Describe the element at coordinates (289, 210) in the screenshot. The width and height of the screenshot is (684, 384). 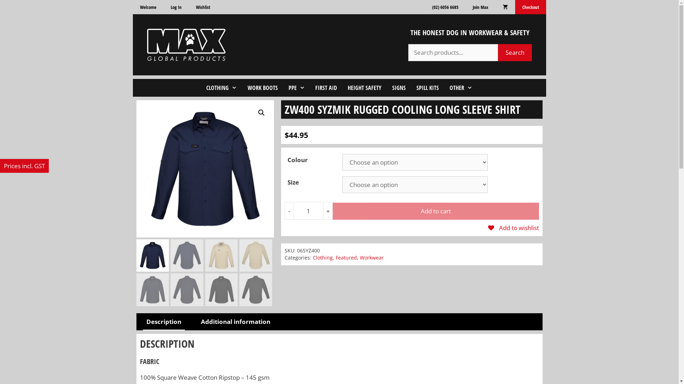
I see `'-'` at that location.